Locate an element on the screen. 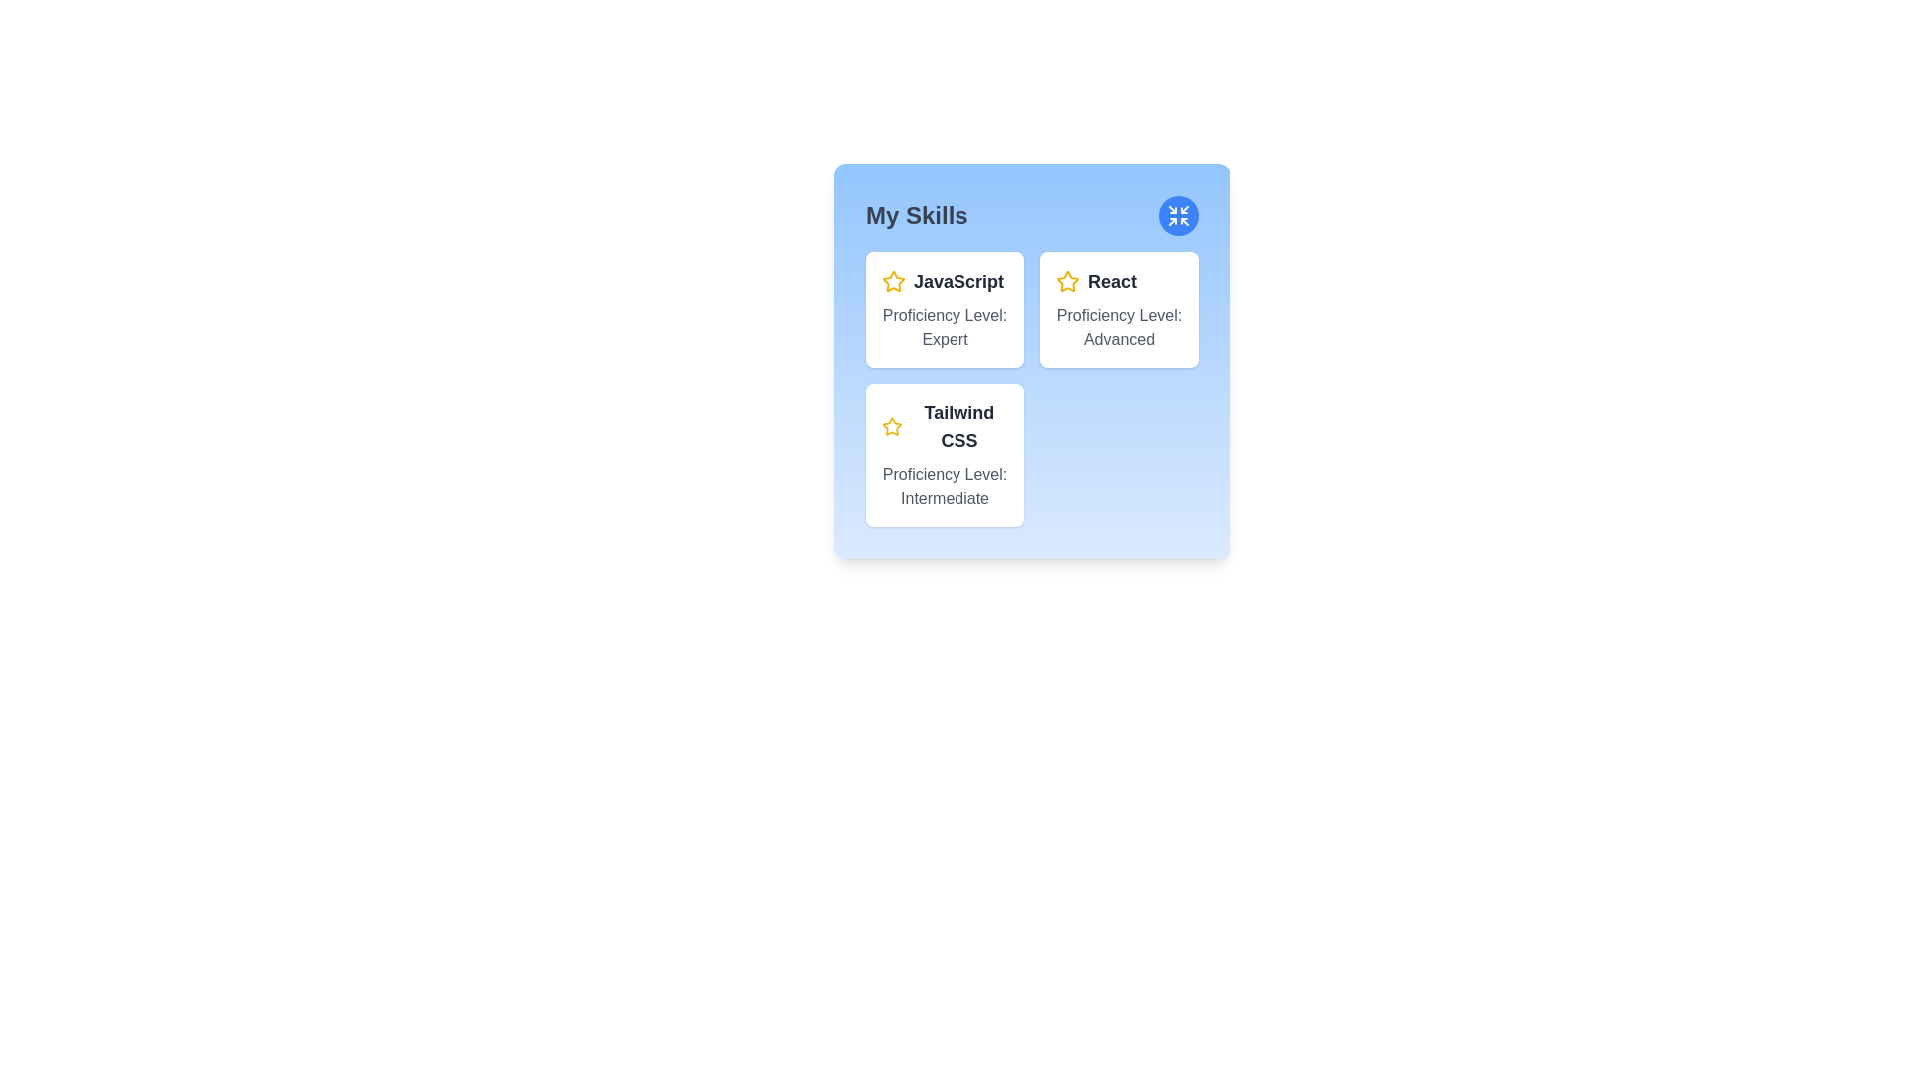  the five-pointed star icon with a gold outline and white interior located next to the skill name in the 'My Skills' section is located at coordinates (1066, 281).